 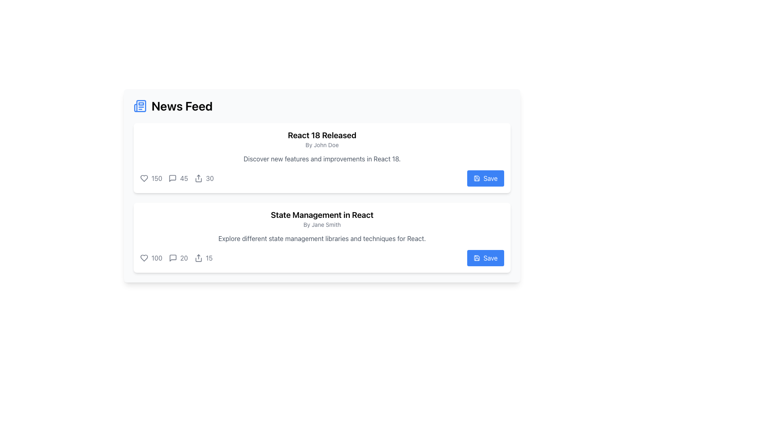 What do you see at coordinates (176, 258) in the screenshot?
I see `the comment counter icon displaying the number of comments for the second post in the card layout` at bounding box center [176, 258].